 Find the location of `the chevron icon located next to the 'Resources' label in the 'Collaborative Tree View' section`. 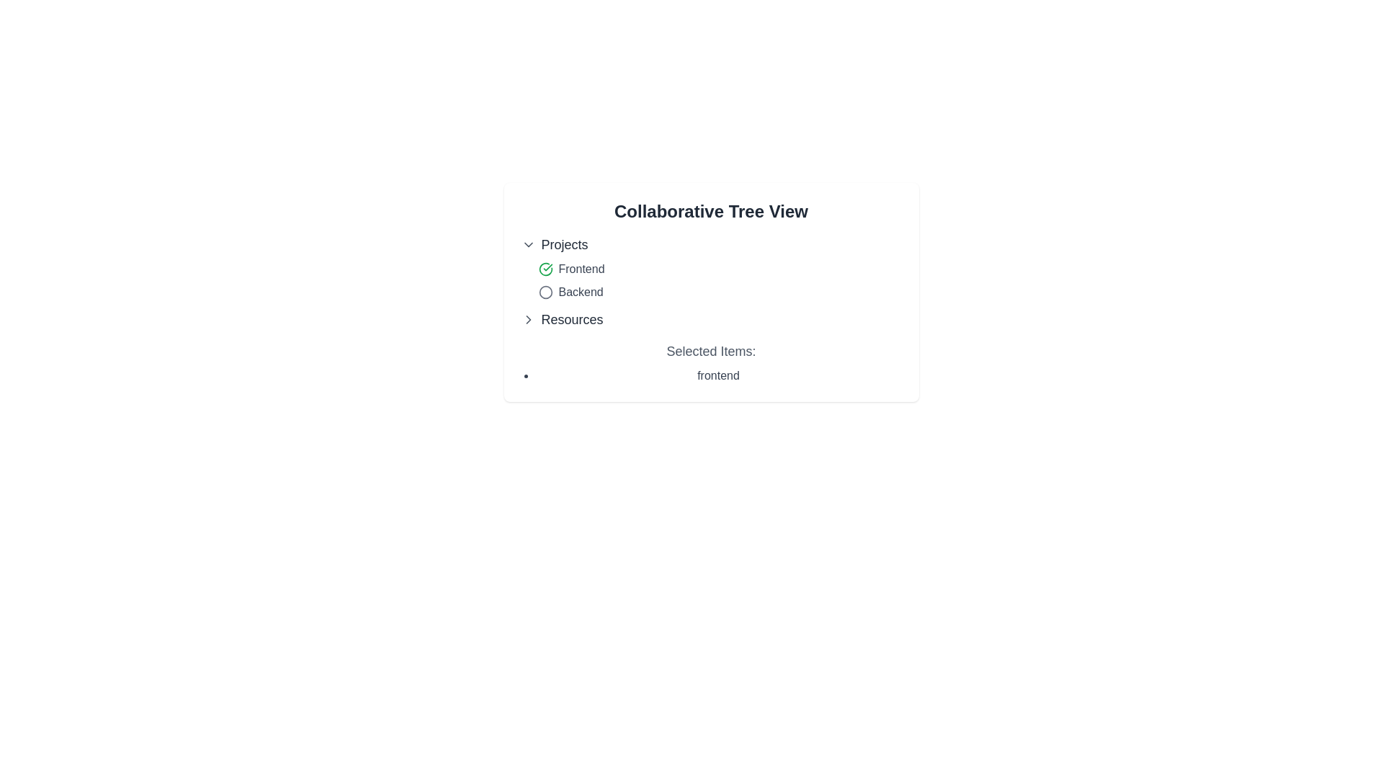

the chevron icon located next to the 'Resources' label in the 'Collaborative Tree View' section is located at coordinates (527, 318).